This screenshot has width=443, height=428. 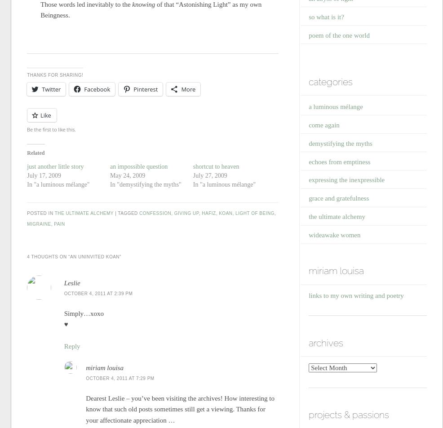 What do you see at coordinates (97, 293) in the screenshot?
I see `'October 4, 2011 at 2:39 pm'` at bounding box center [97, 293].